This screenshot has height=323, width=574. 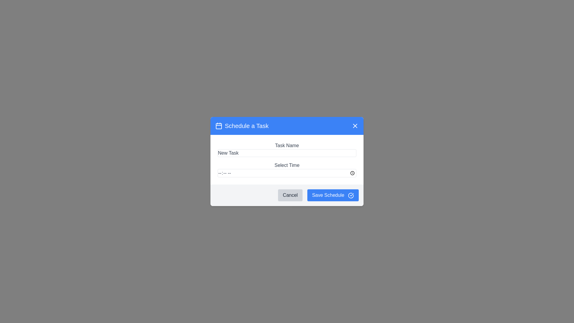 What do you see at coordinates (290, 195) in the screenshot?
I see `the Cancel button to close the dialog` at bounding box center [290, 195].